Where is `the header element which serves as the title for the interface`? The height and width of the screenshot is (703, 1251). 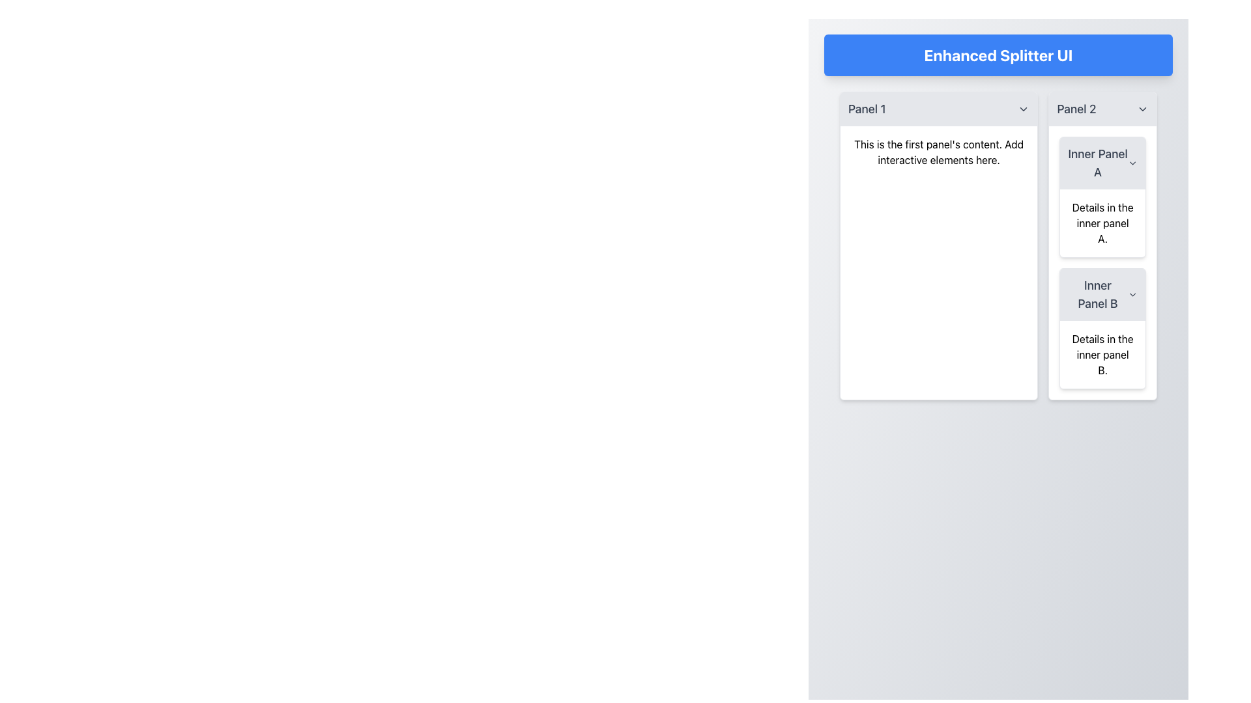
the header element which serves as the title for the interface is located at coordinates (998, 54).